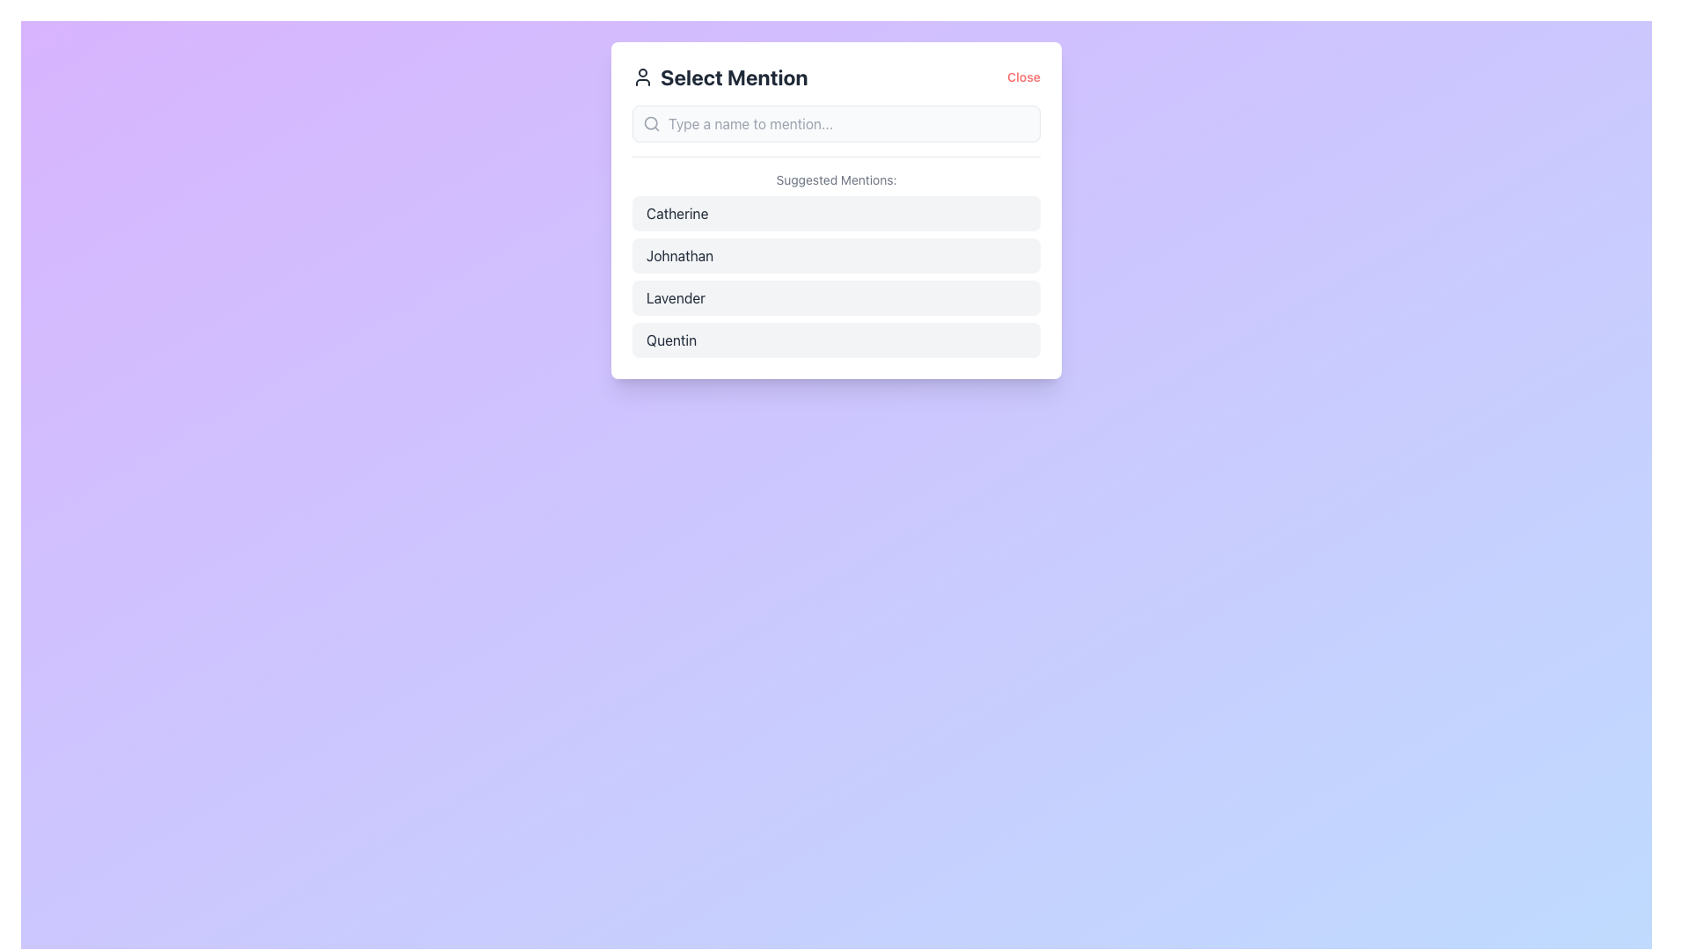  Describe the element at coordinates (835, 213) in the screenshot. I see `to select the first item labeled 'Catherine' in a vertically stacked list of options` at that location.